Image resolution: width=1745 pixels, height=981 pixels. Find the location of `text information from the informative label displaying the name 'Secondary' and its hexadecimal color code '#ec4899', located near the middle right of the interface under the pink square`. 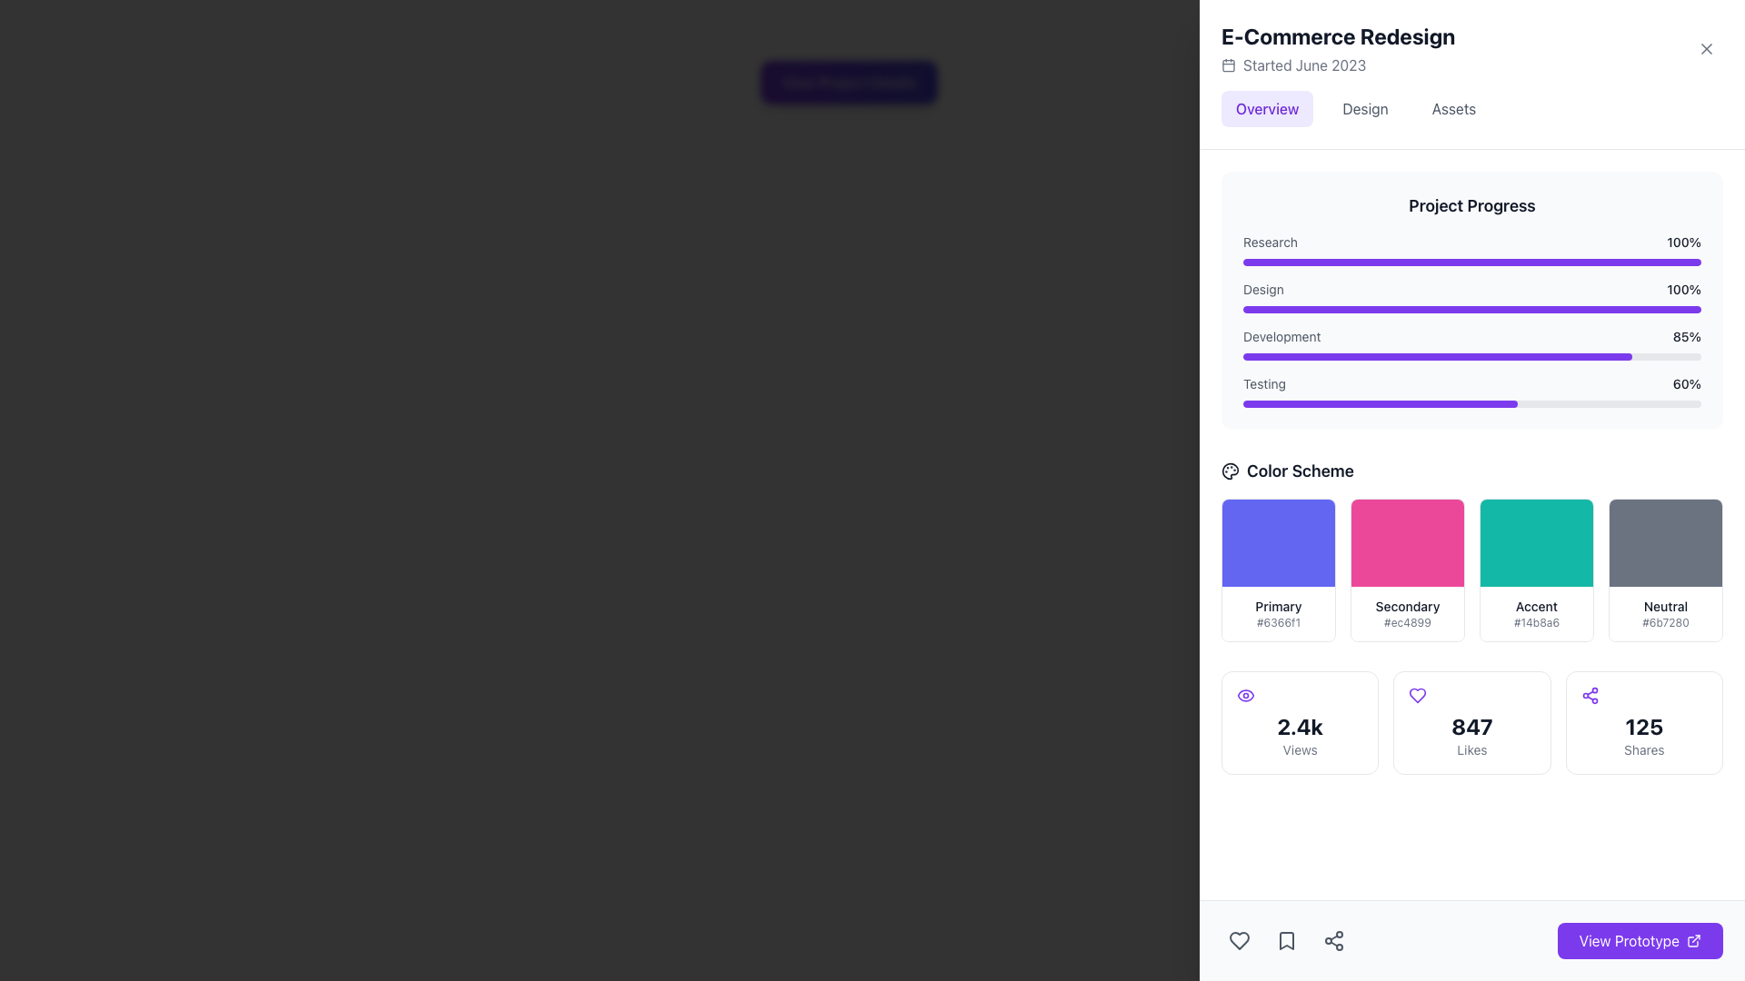

text information from the informative label displaying the name 'Secondary' and its hexadecimal color code '#ec4899', located near the middle right of the interface under the pink square is located at coordinates (1407, 613).